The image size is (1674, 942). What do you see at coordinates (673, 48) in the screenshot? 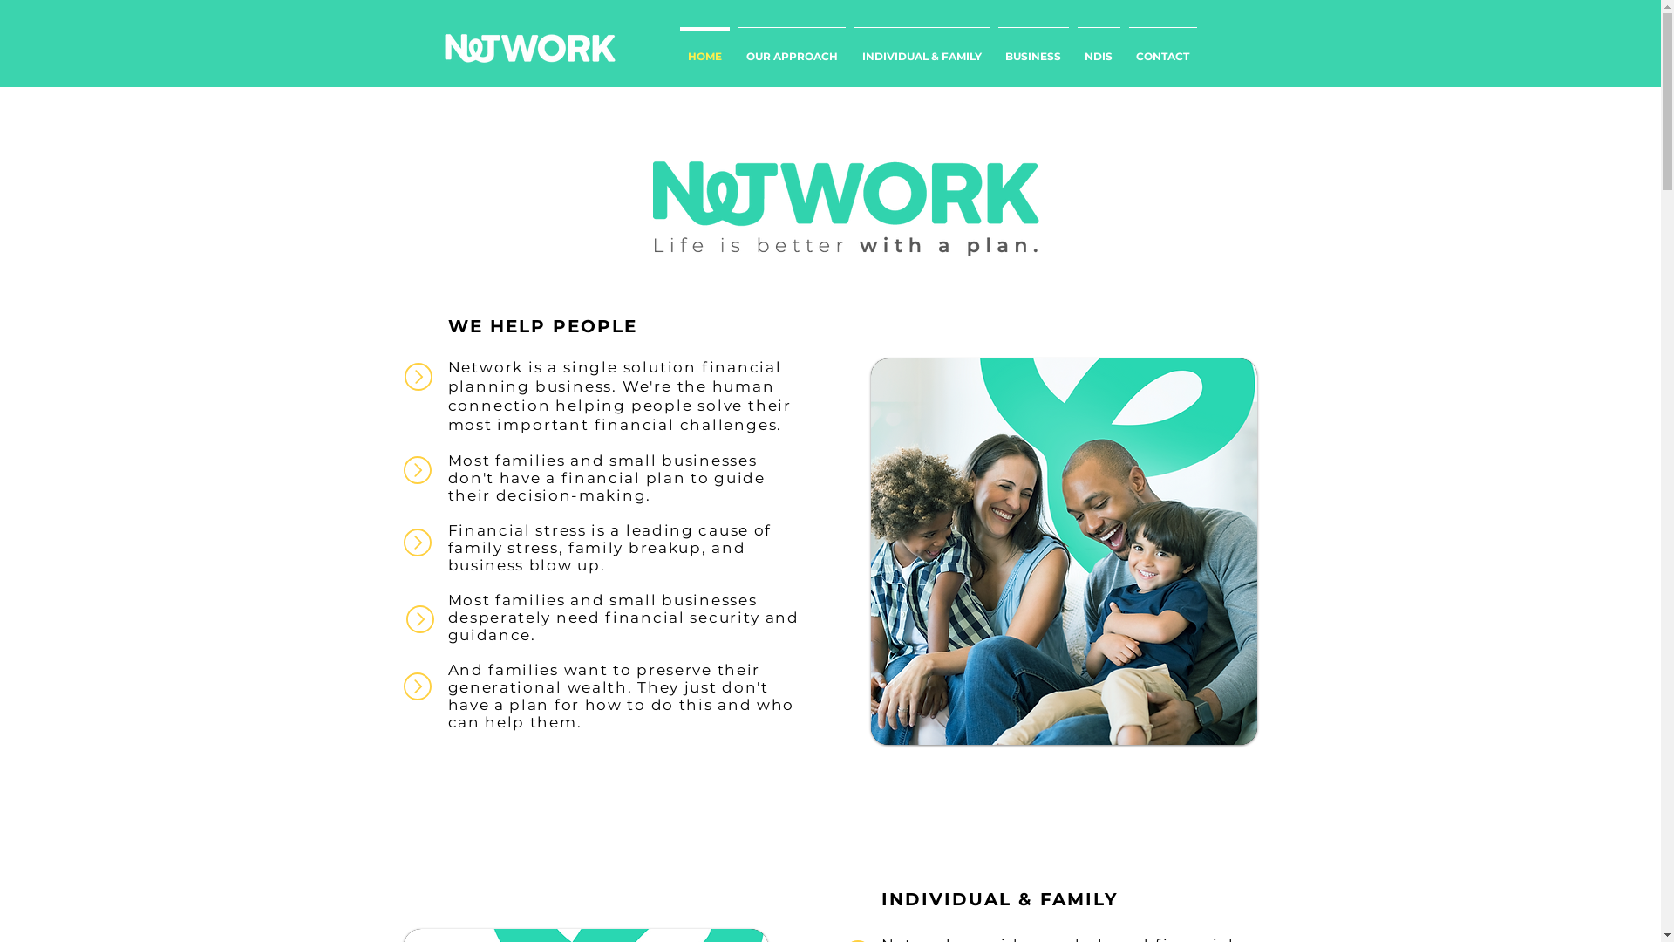
I see `'HOME'` at bounding box center [673, 48].